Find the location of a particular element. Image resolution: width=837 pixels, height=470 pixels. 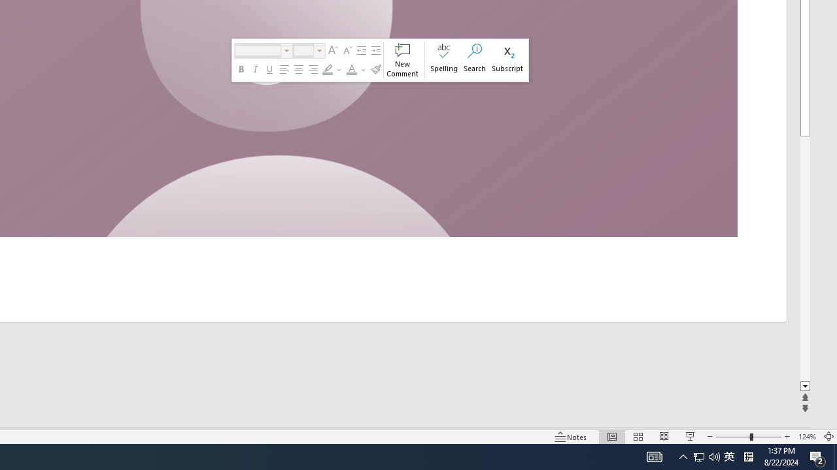

'Underline' is located at coordinates (269, 69).